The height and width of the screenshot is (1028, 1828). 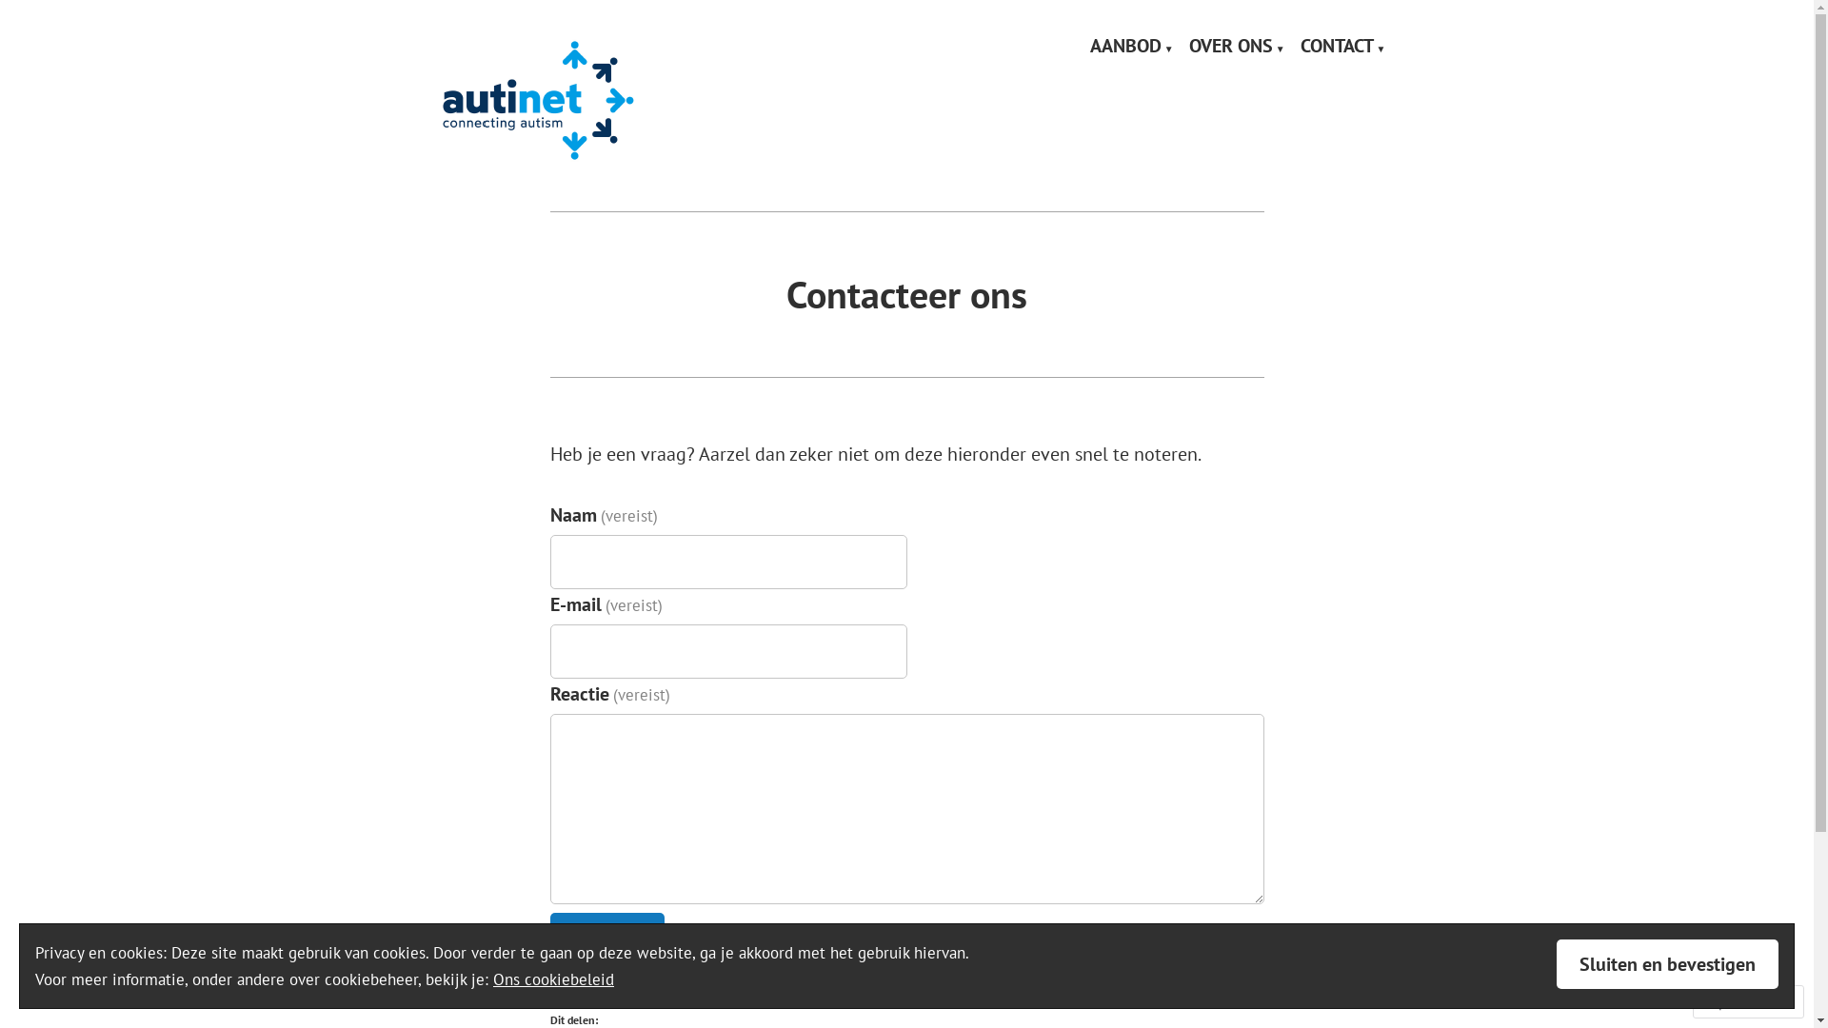 I want to click on 'CONTACT', so click(x=1342, y=46).